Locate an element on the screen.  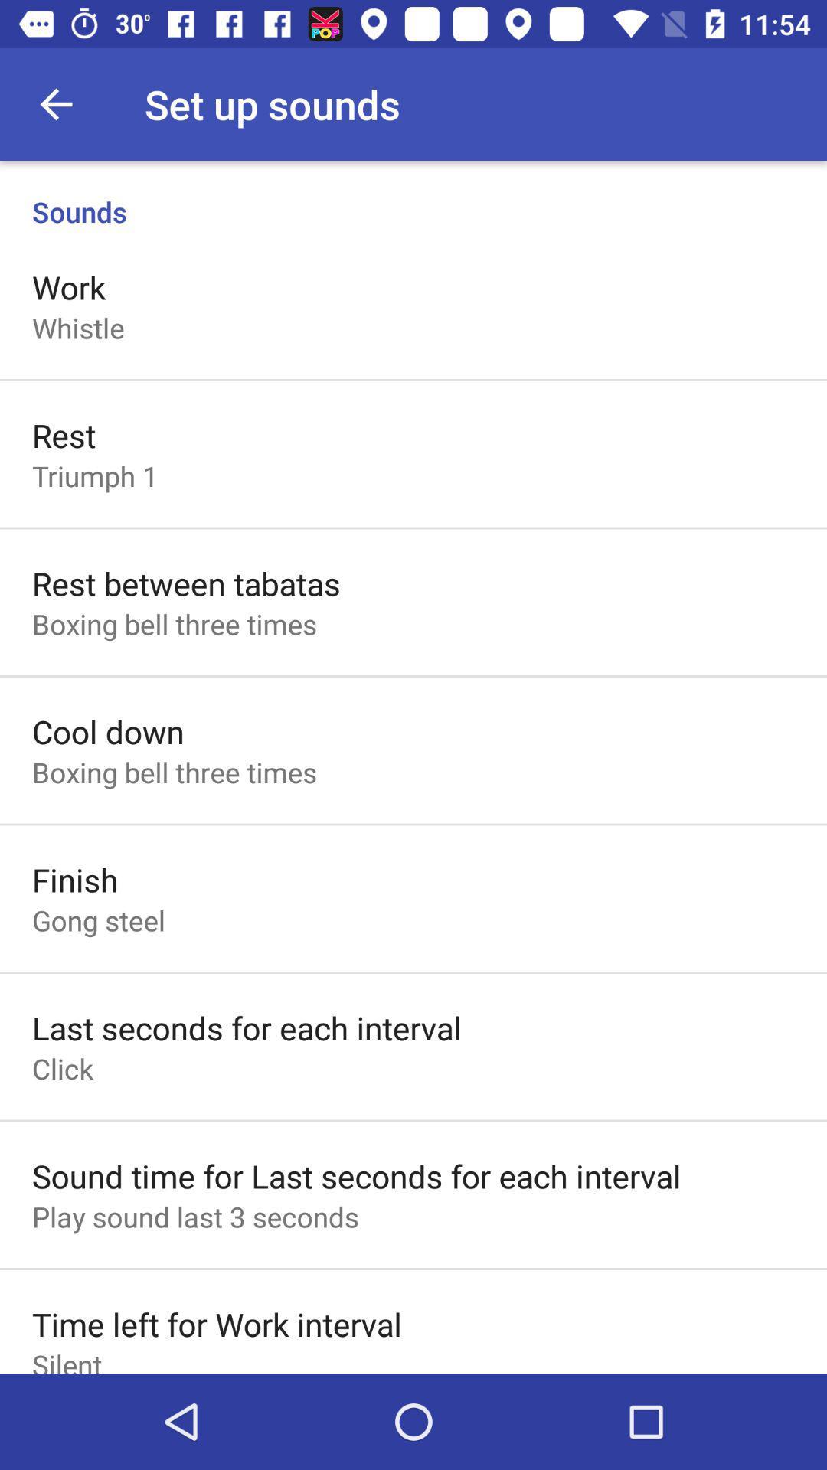
the item below finish icon is located at coordinates (98, 920).